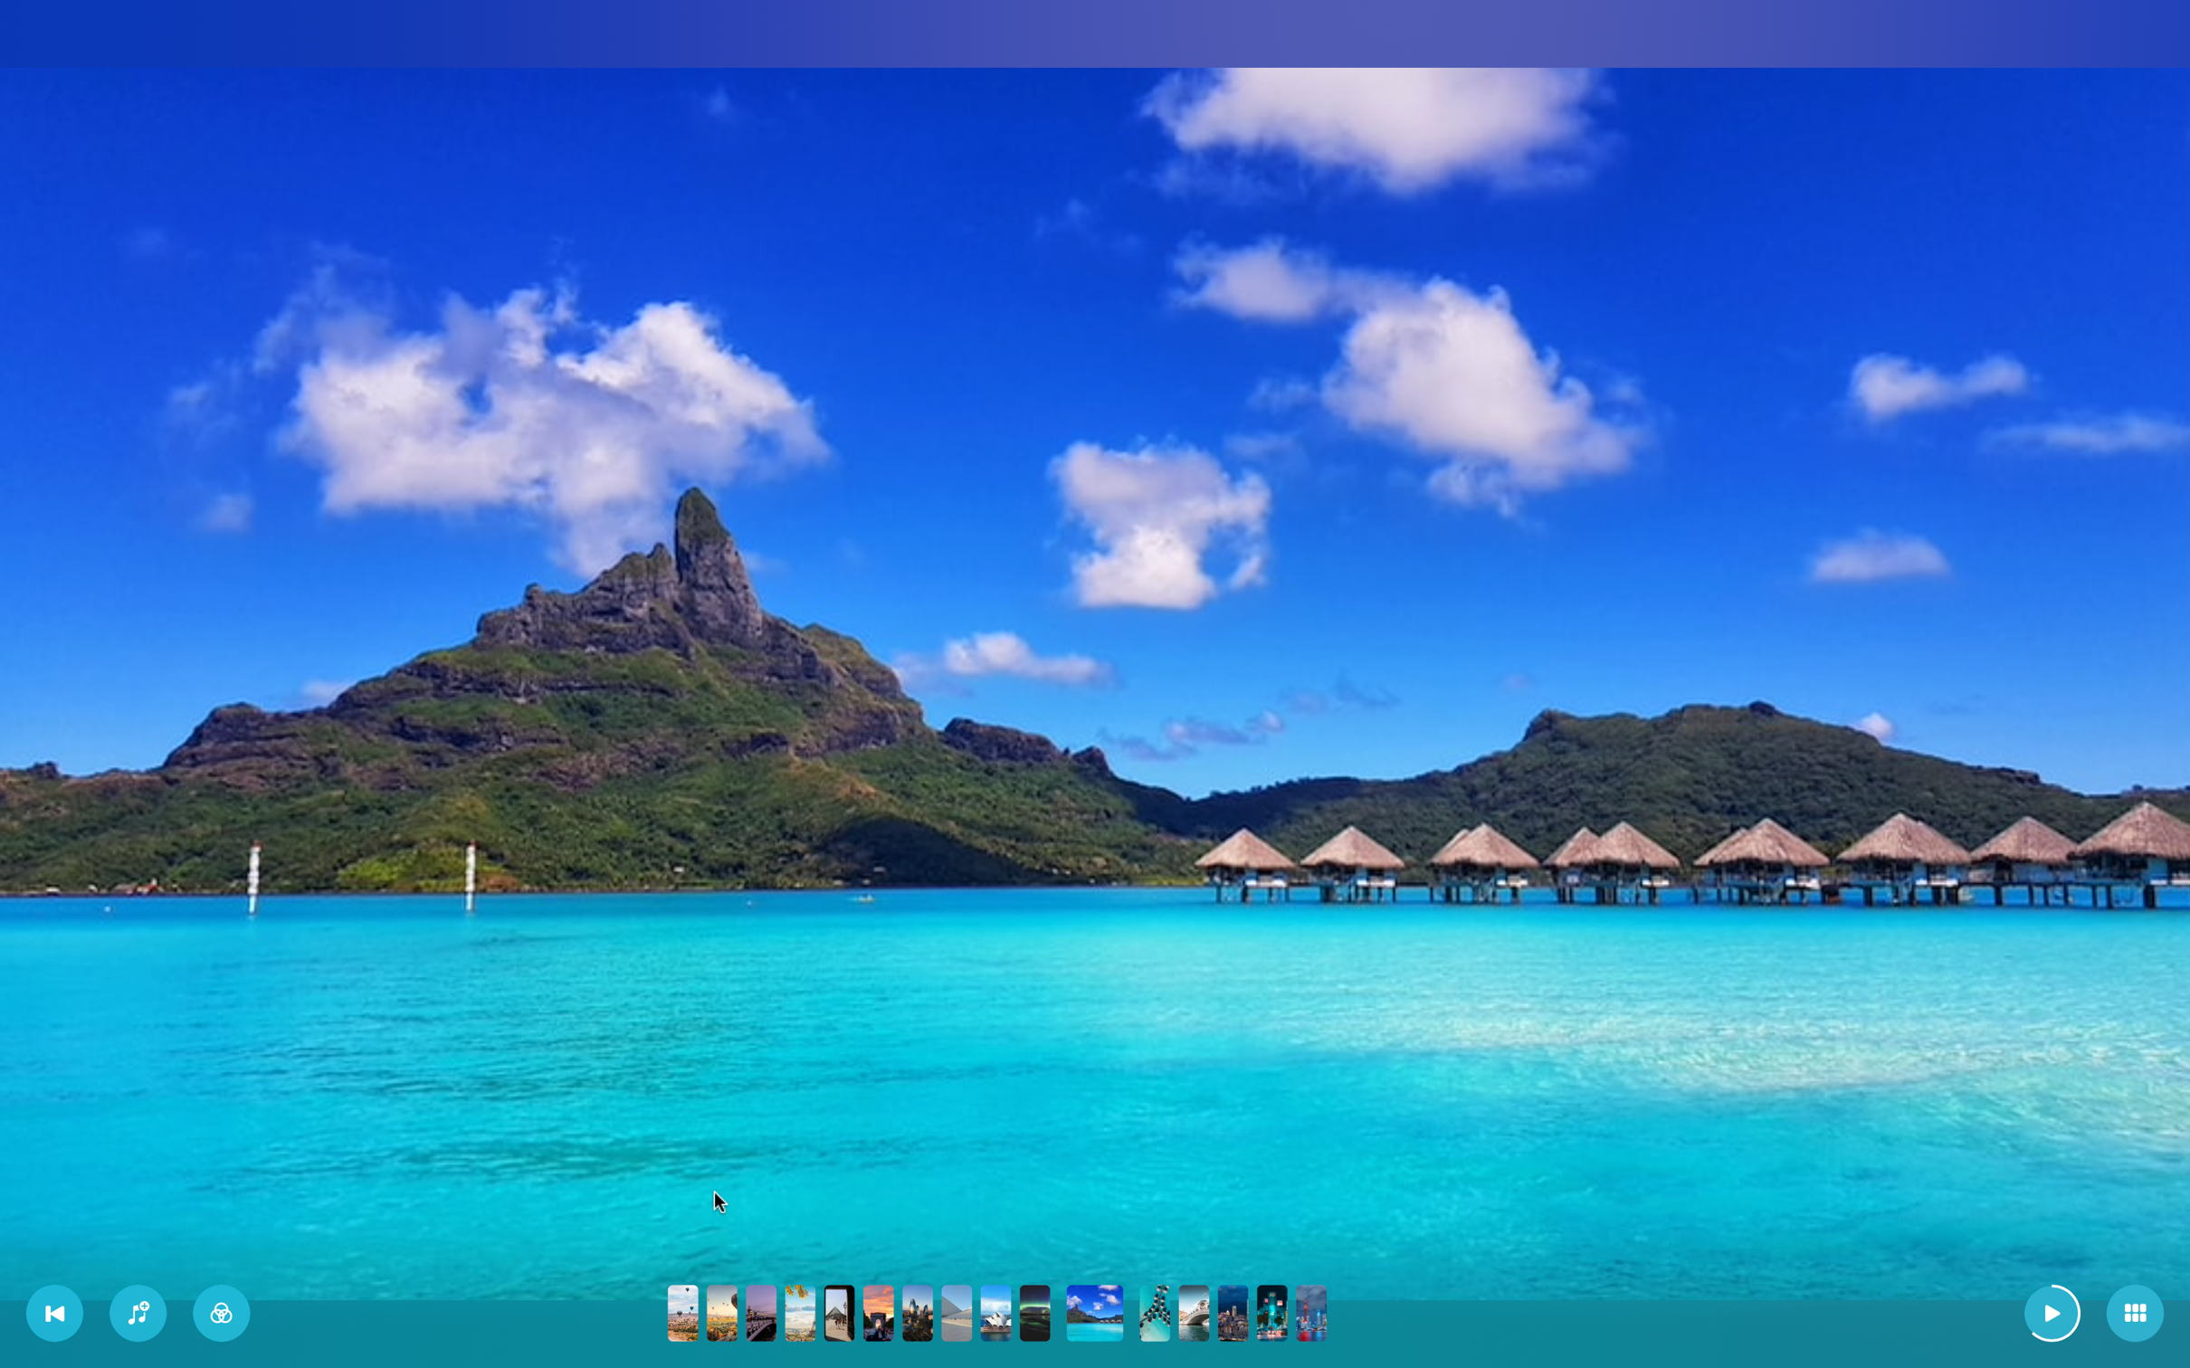 The height and width of the screenshot is (1368, 2190). Describe the element at coordinates (222, 1312) in the screenshot. I see `Switch the filter menu to first option in the drop down list` at that location.